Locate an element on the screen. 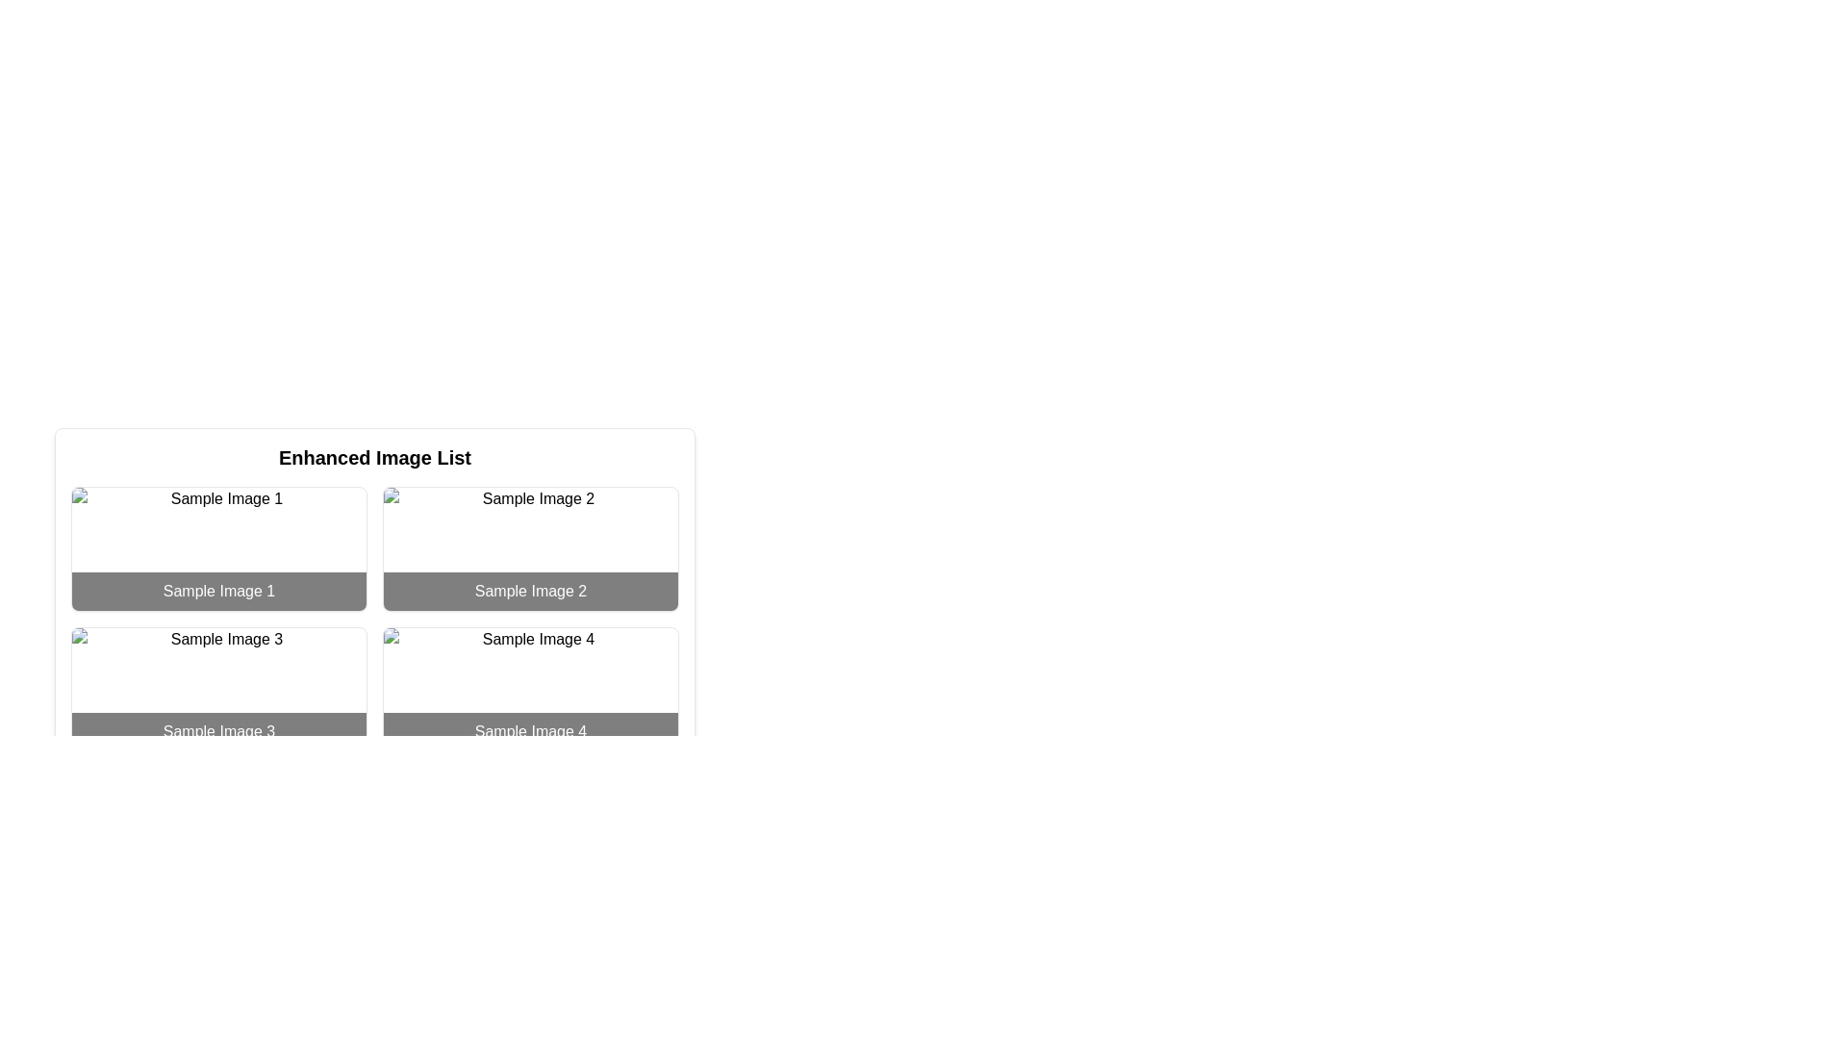  the image placeholder that occupies the upper section of the left bottom quadrant box, which is labeled 'Sample Image 3' is located at coordinates (218, 689).